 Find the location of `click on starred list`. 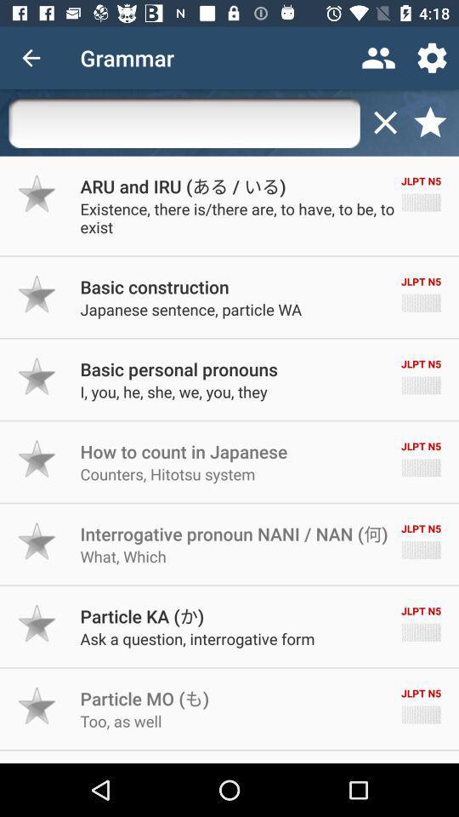

click on starred list is located at coordinates (429, 122).